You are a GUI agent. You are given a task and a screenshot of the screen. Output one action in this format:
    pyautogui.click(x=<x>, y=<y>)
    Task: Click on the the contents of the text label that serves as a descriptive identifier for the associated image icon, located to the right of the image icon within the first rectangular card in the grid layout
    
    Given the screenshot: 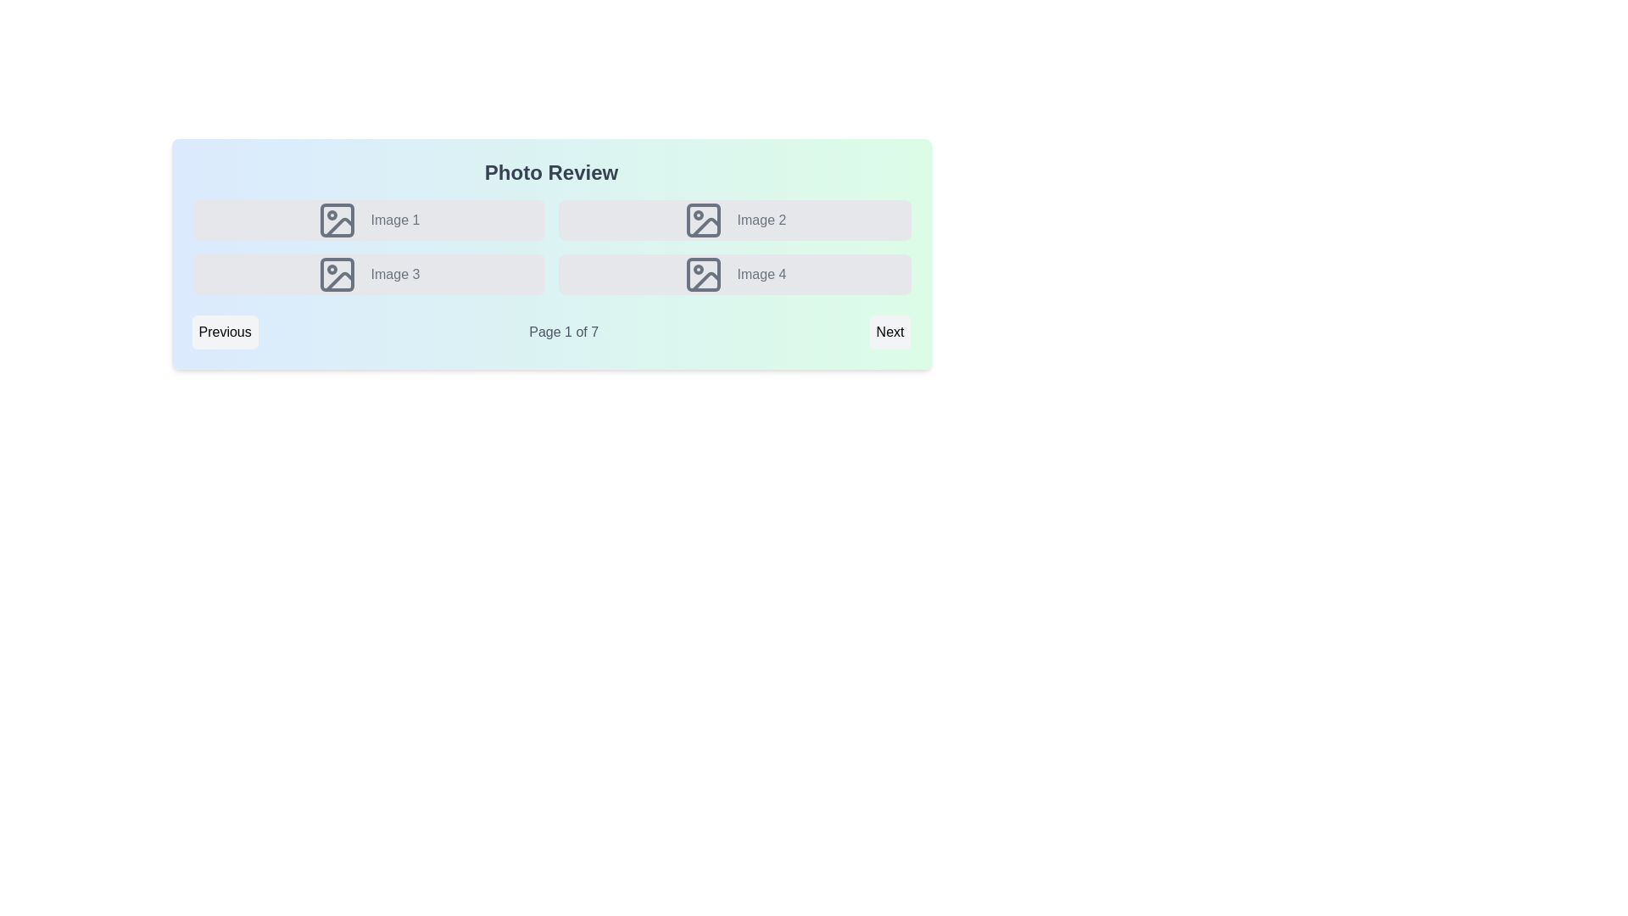 What is the action you would take?
    pyautogui.click(x=394, y=219)
    